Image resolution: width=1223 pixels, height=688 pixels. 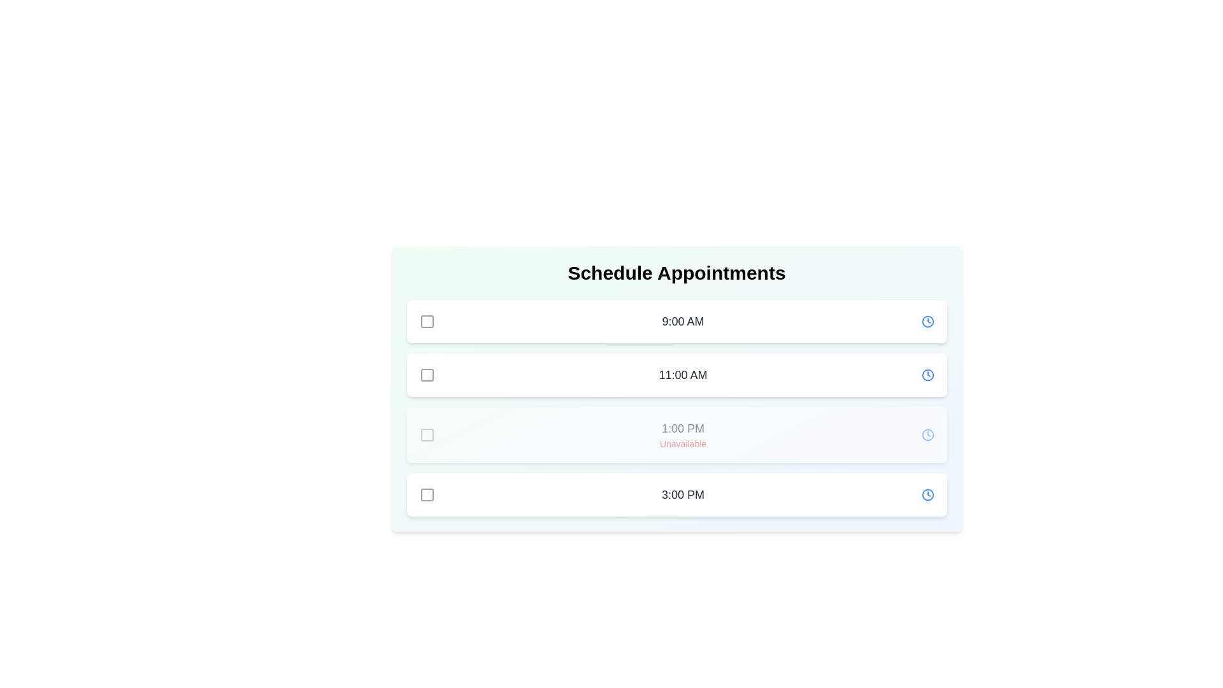 What do you see at coordinates (927, 434) in the screenshot?
I see `the clock icon next to the time slot 1:00 PM` at bounding box center [927, 434].